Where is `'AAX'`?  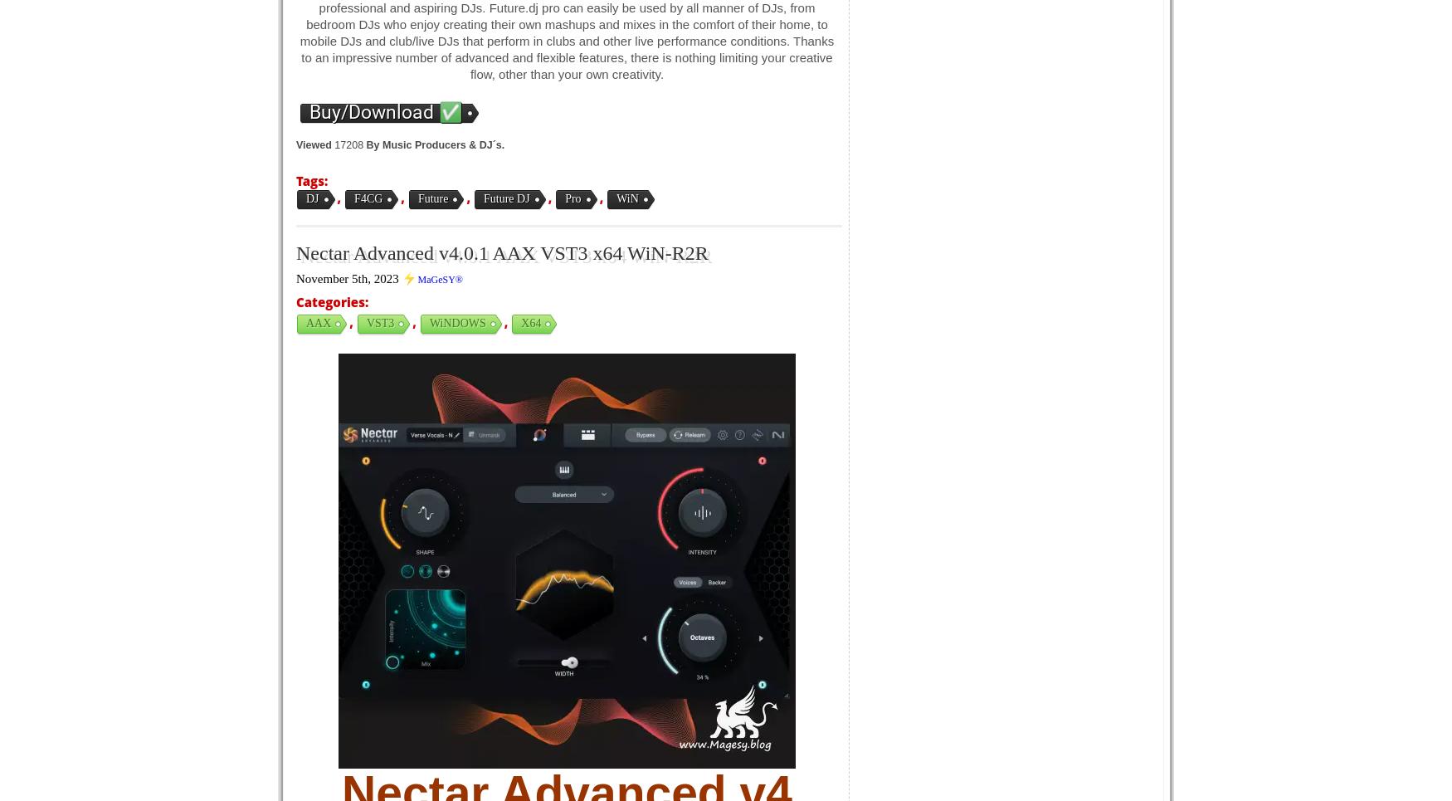
'AAX' is located at coordinates (317, 322).